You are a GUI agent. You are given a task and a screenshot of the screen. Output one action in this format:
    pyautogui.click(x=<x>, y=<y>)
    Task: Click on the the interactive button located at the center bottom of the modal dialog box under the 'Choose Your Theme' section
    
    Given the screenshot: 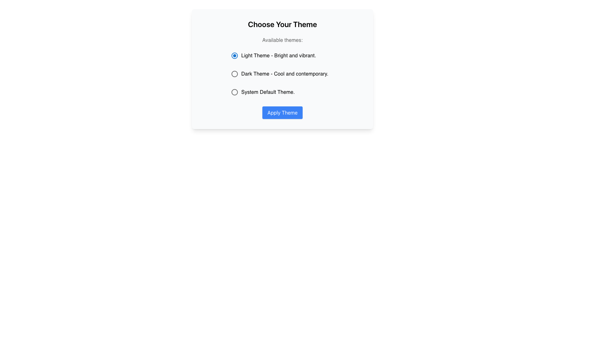 What is the action you would take?
    pyautogui.click(x=282, y=112)
    